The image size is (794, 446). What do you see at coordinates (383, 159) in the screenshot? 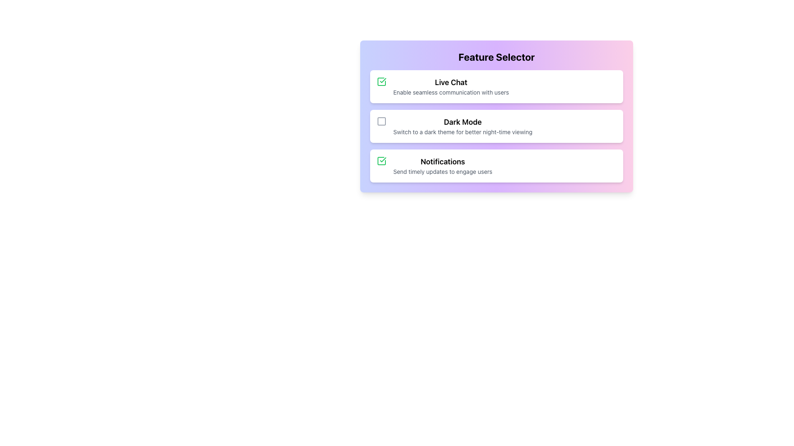
I see `the checkmark SVG icon indicating a completed state, located to the left of the 'Live Chat' option in the feature selector interface` at bounding box center [383, 159].